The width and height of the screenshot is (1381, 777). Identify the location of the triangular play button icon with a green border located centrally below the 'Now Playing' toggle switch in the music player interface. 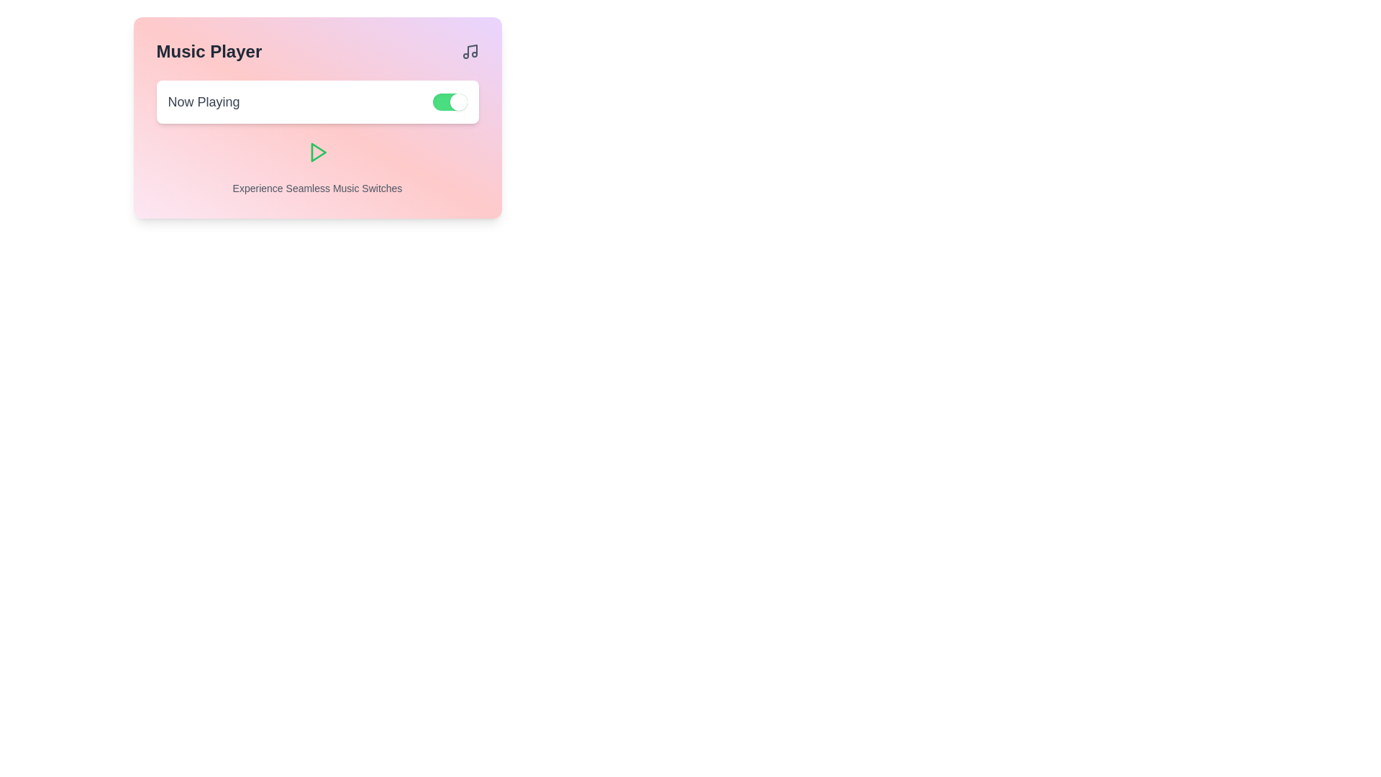
(316, 153).